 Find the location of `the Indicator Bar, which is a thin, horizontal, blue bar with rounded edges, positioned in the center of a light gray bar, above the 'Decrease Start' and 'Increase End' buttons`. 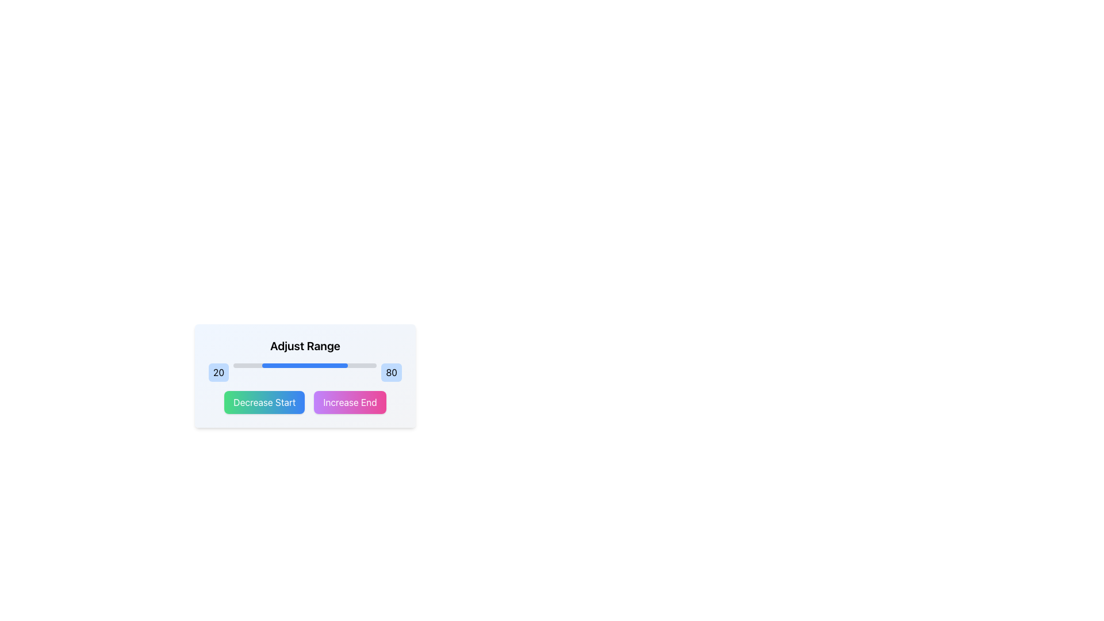

the Indicator Bar, which is a thin, horizontal, blue bar with rounded edges, positioned in the center of a light gray bar, above the 'Decrease Start' and 'Increase End' buttons is located at coordinates (305, 366).